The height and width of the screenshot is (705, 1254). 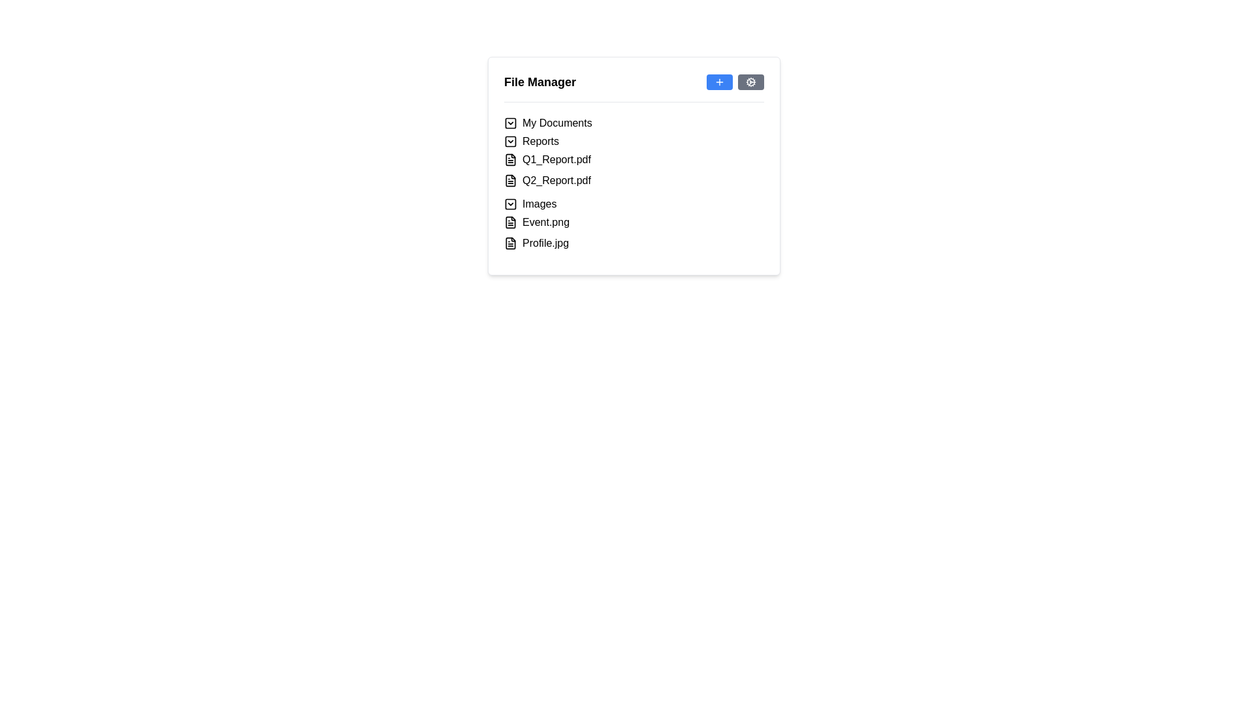 I want to click on the graphical icon resembling a '+' sign with a blue outline, located in the top-right corner of the 'File Manager' interface, adjacent to a gear icon button, so click(x=719, y=82).